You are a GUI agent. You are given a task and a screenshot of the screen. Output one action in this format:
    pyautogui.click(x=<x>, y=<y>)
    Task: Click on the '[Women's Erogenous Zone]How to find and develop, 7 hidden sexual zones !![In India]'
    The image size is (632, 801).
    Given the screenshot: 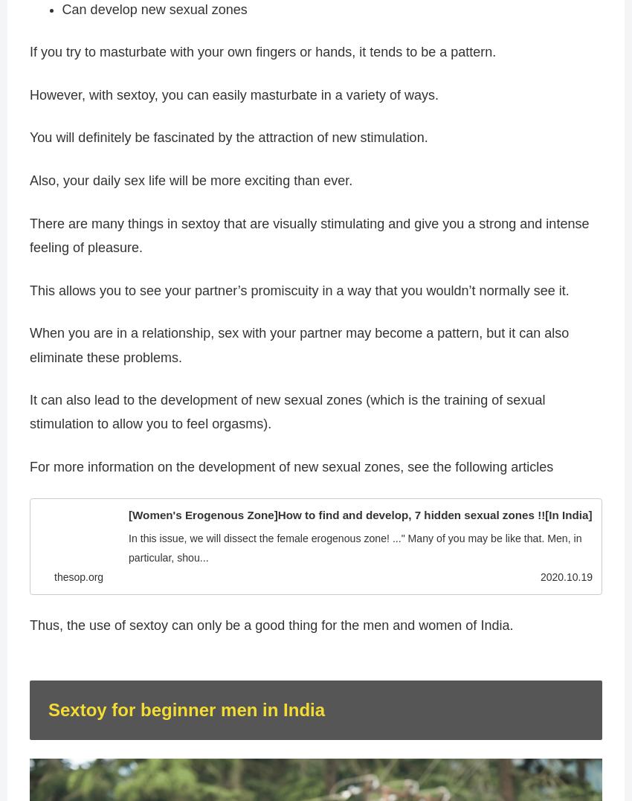 What is the action you would take?
    pyautogui.click(x=360, y=513)
    